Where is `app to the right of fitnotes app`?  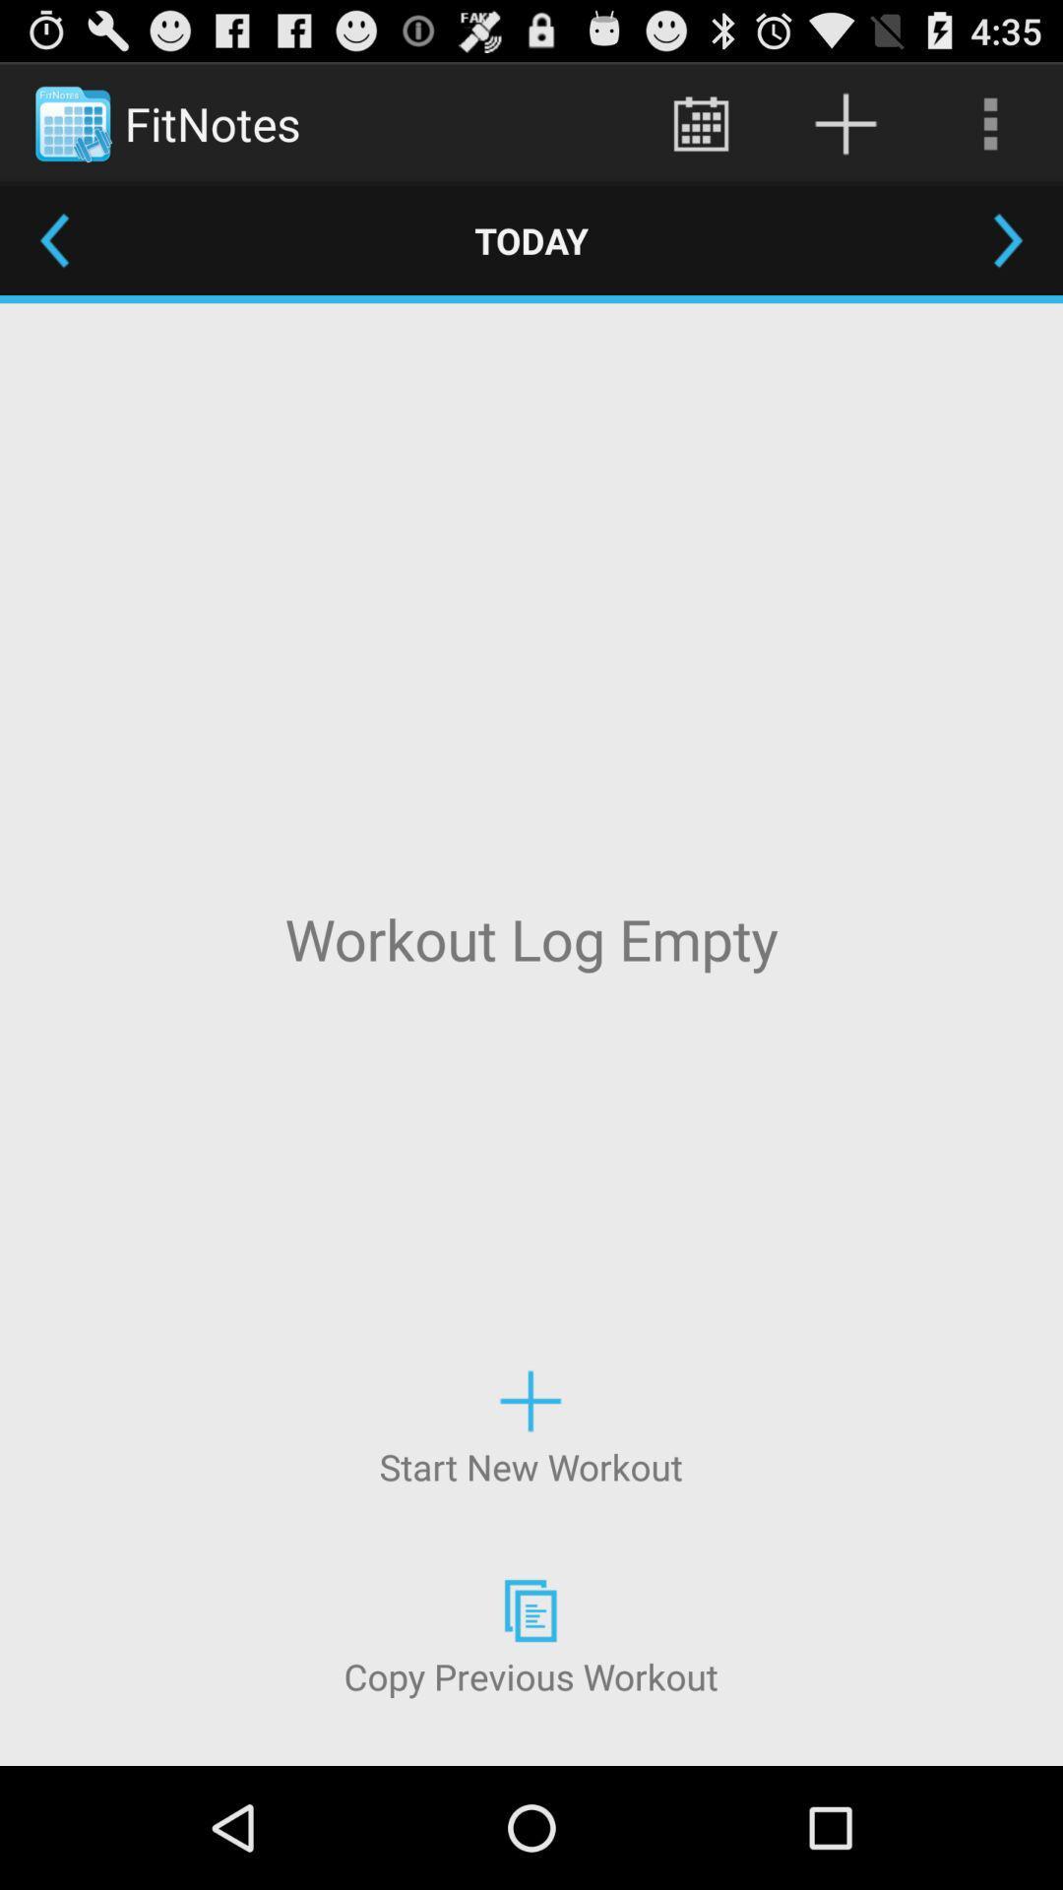
app to the right of fitnotes app is located at coordinates (700, 122).